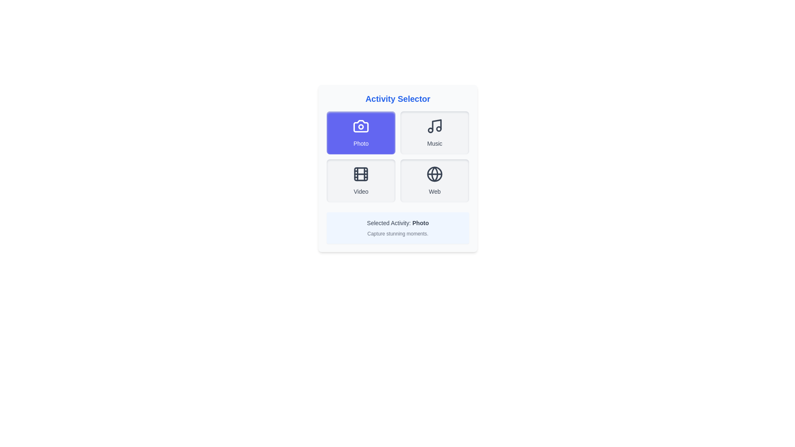 This screenshot has width=795, height=447. Describe the element at coordinates (436, 125) in the screenshot. I see `the 'Music' activity icon located in the upper-right quadrant of the activity selection grid` at that location.